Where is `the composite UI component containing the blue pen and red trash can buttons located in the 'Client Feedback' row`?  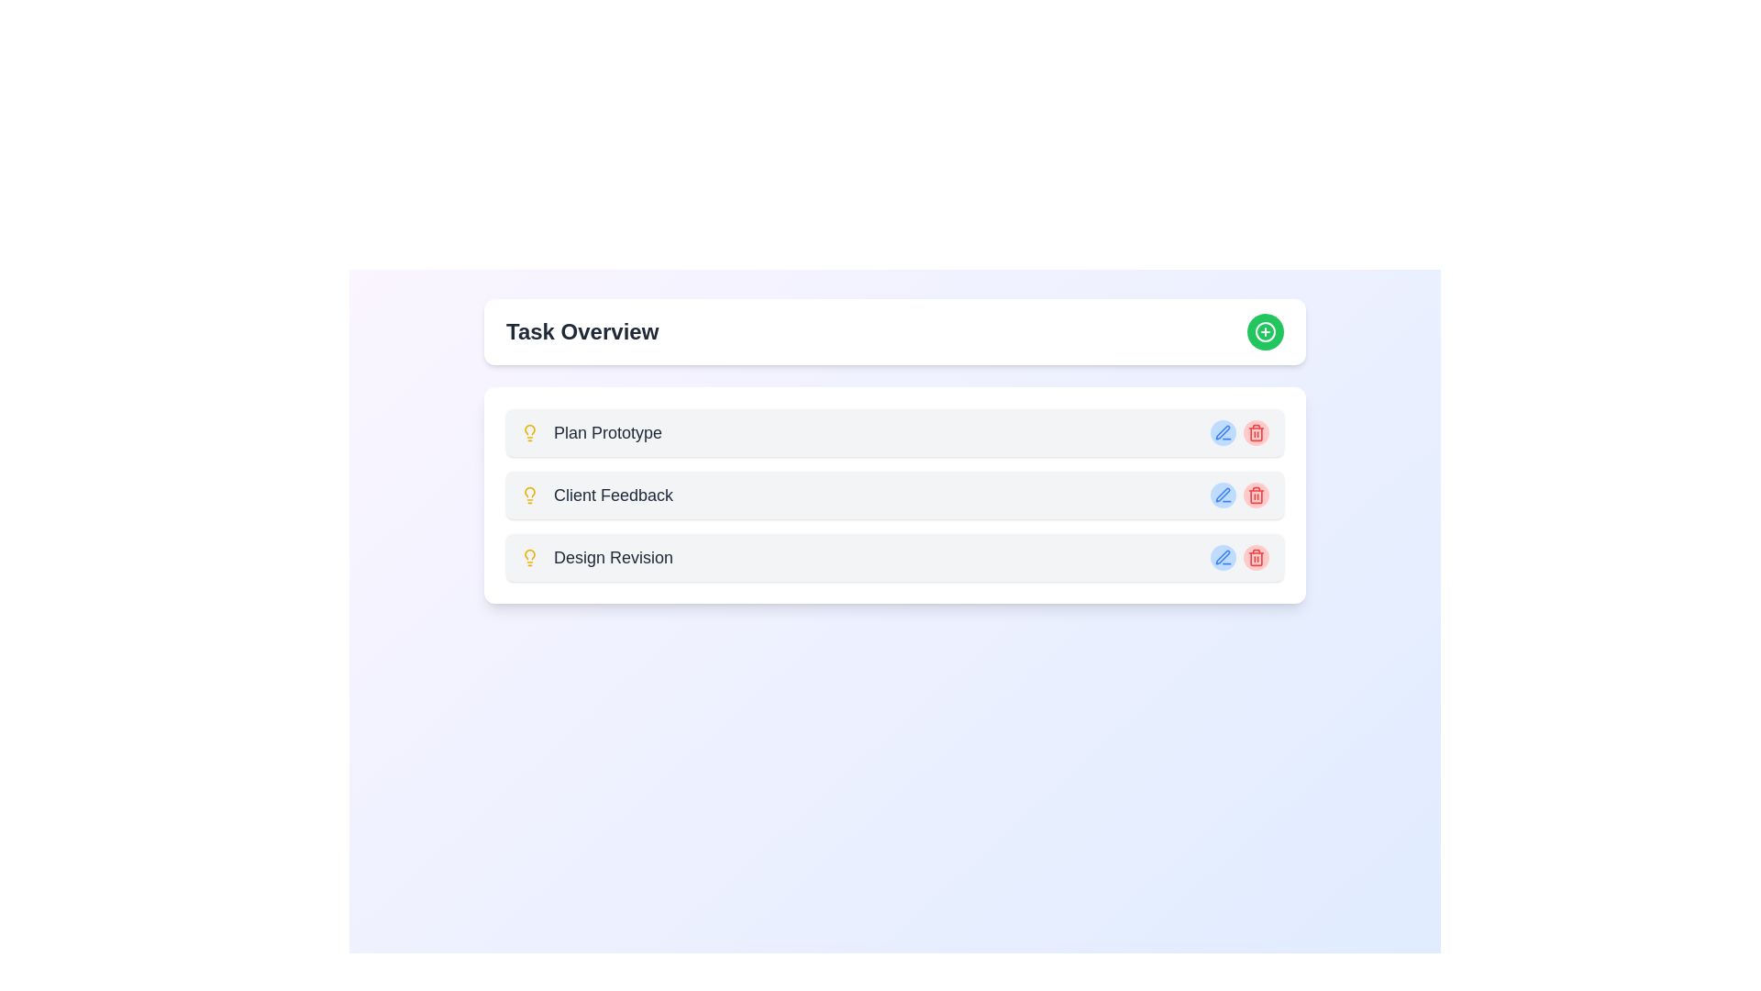 the composite UI component containing the blue pen and red trash can buttons located in the 'Client Feedback' row is located at coordinates (1240, 495).